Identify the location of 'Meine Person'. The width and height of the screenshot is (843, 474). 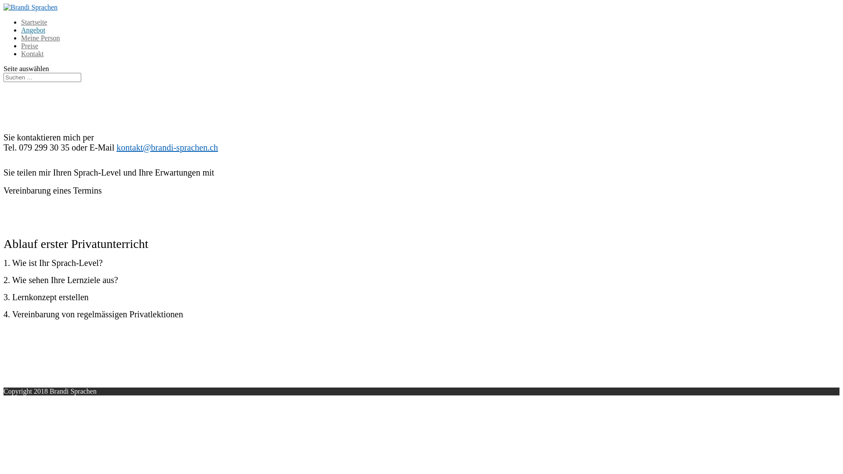
(40, 37).